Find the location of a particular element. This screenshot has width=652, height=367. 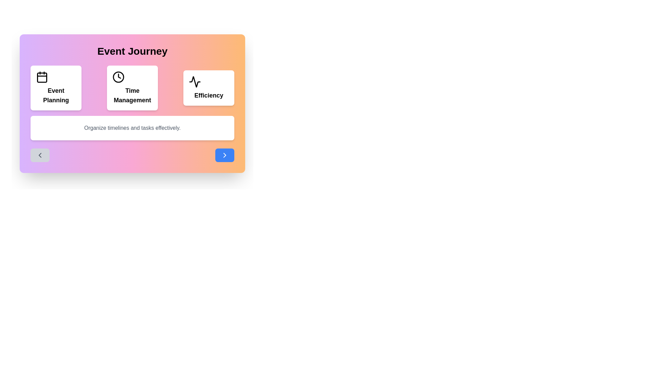

the event card representing Time Management is located at coordinates (132, 87).